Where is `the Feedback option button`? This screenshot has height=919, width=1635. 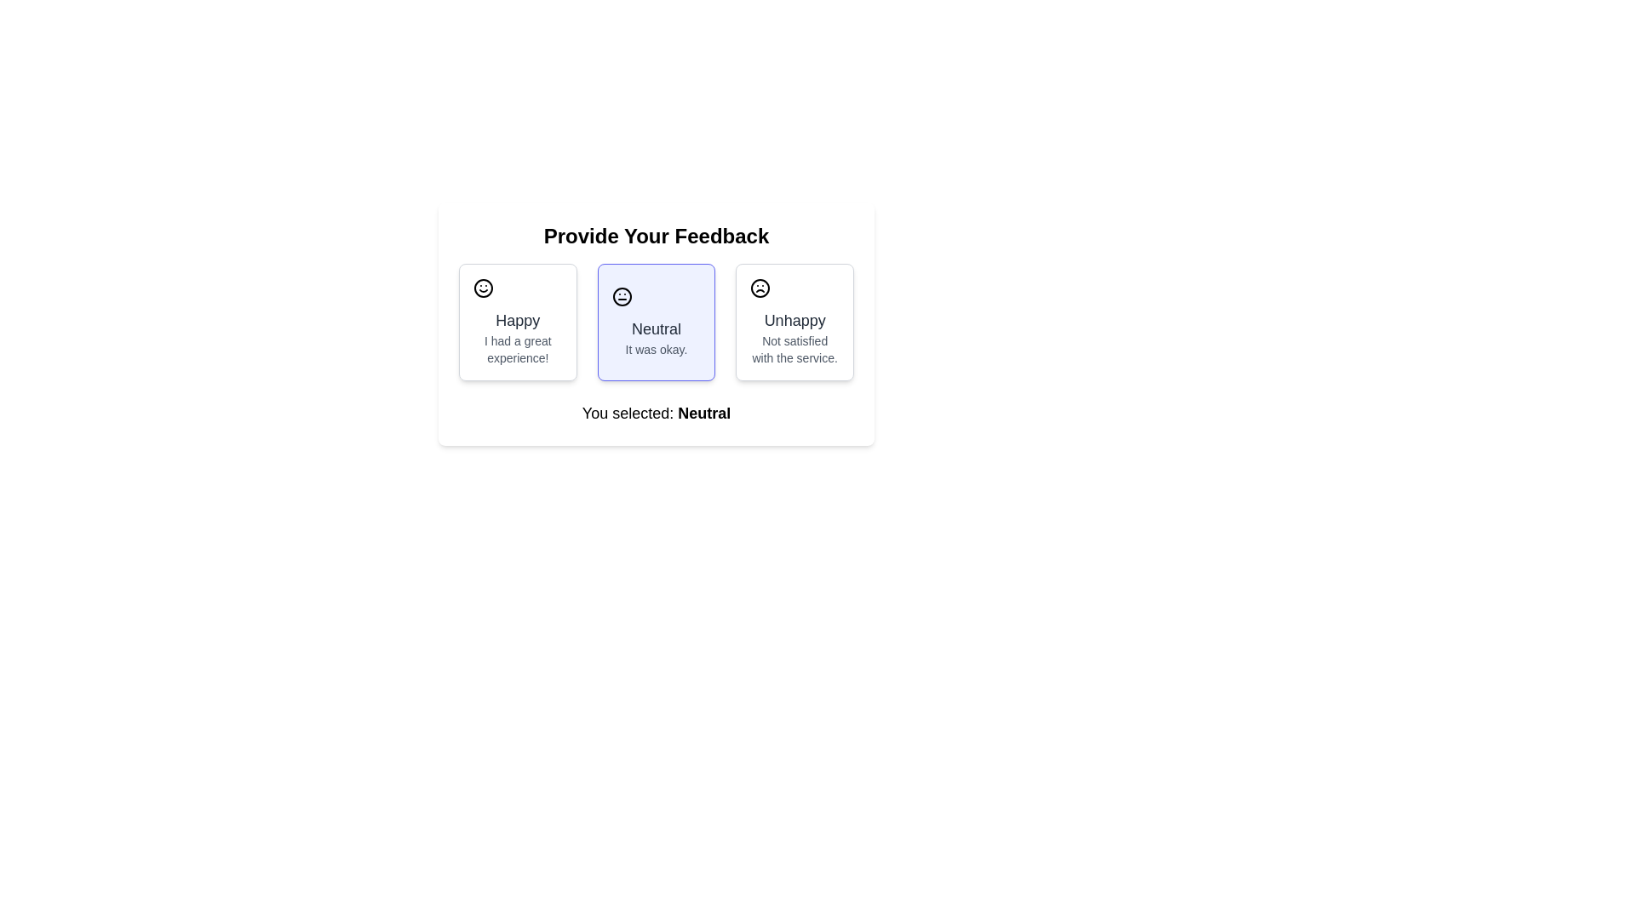
the Feedback option button is located at coordinates (656, 322).